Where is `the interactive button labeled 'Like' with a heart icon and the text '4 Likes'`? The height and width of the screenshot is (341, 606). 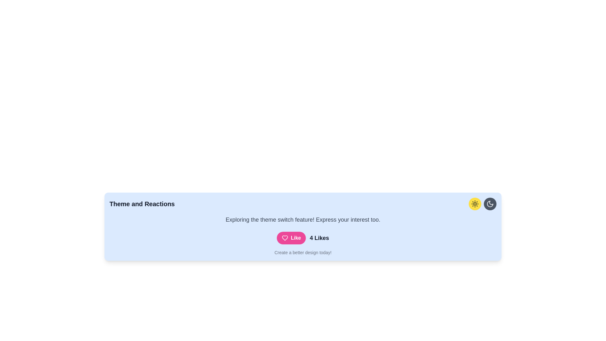 the interactive button labeled 'Like' with a heart icon and the text '4 Likes' is located at coordinates (303, 238).